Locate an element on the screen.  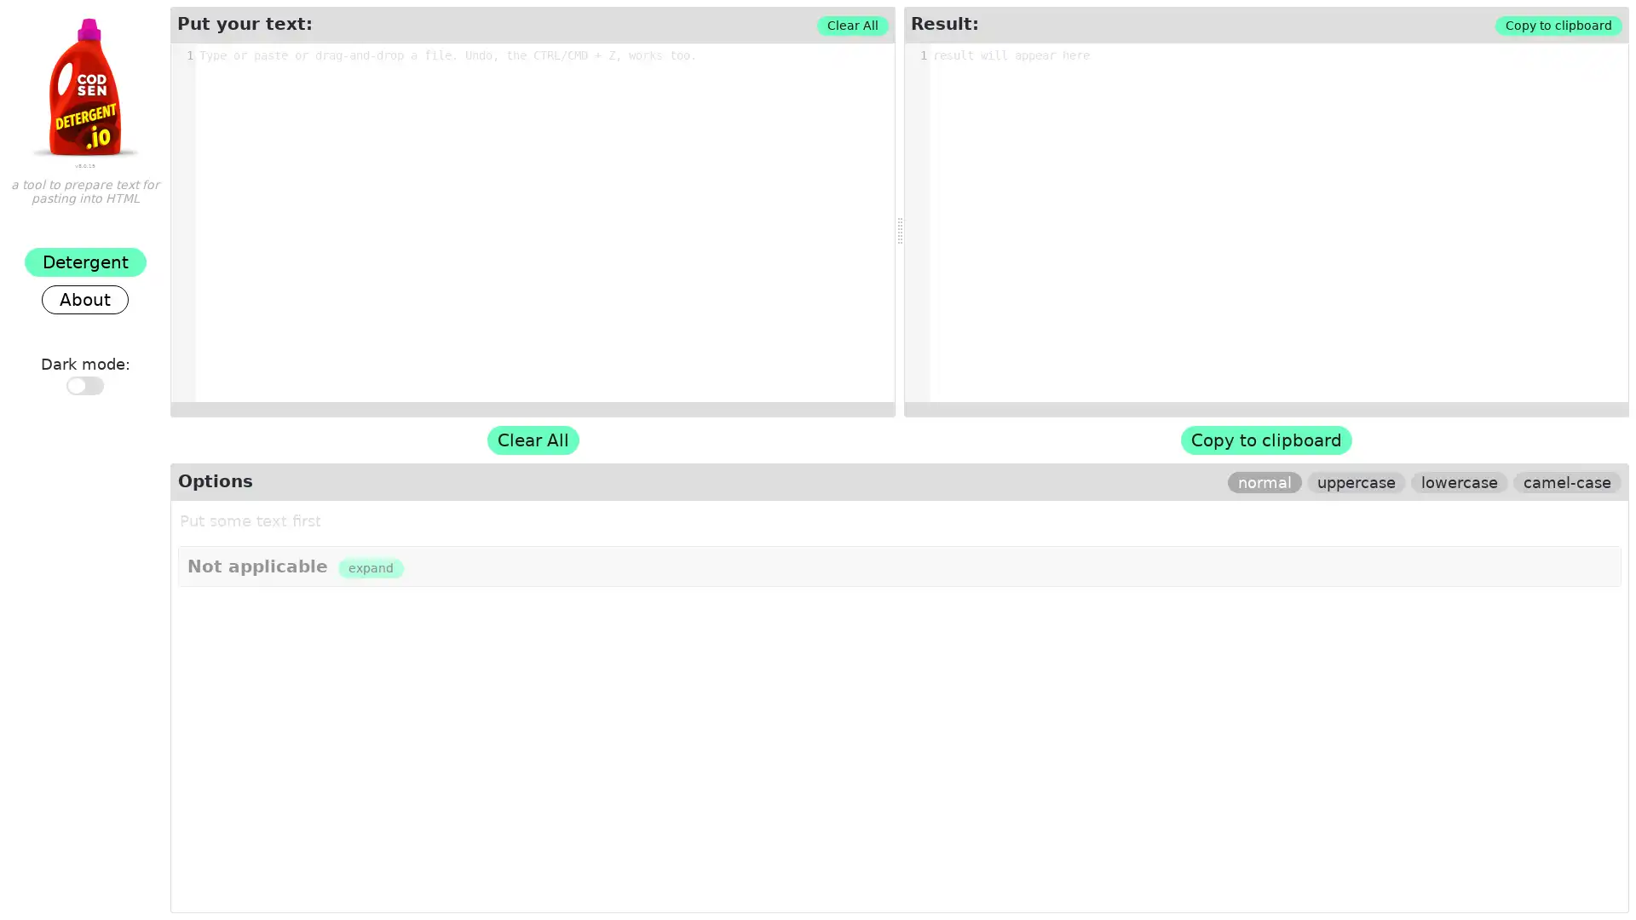
Clear All is located at coordinates (853, 26).